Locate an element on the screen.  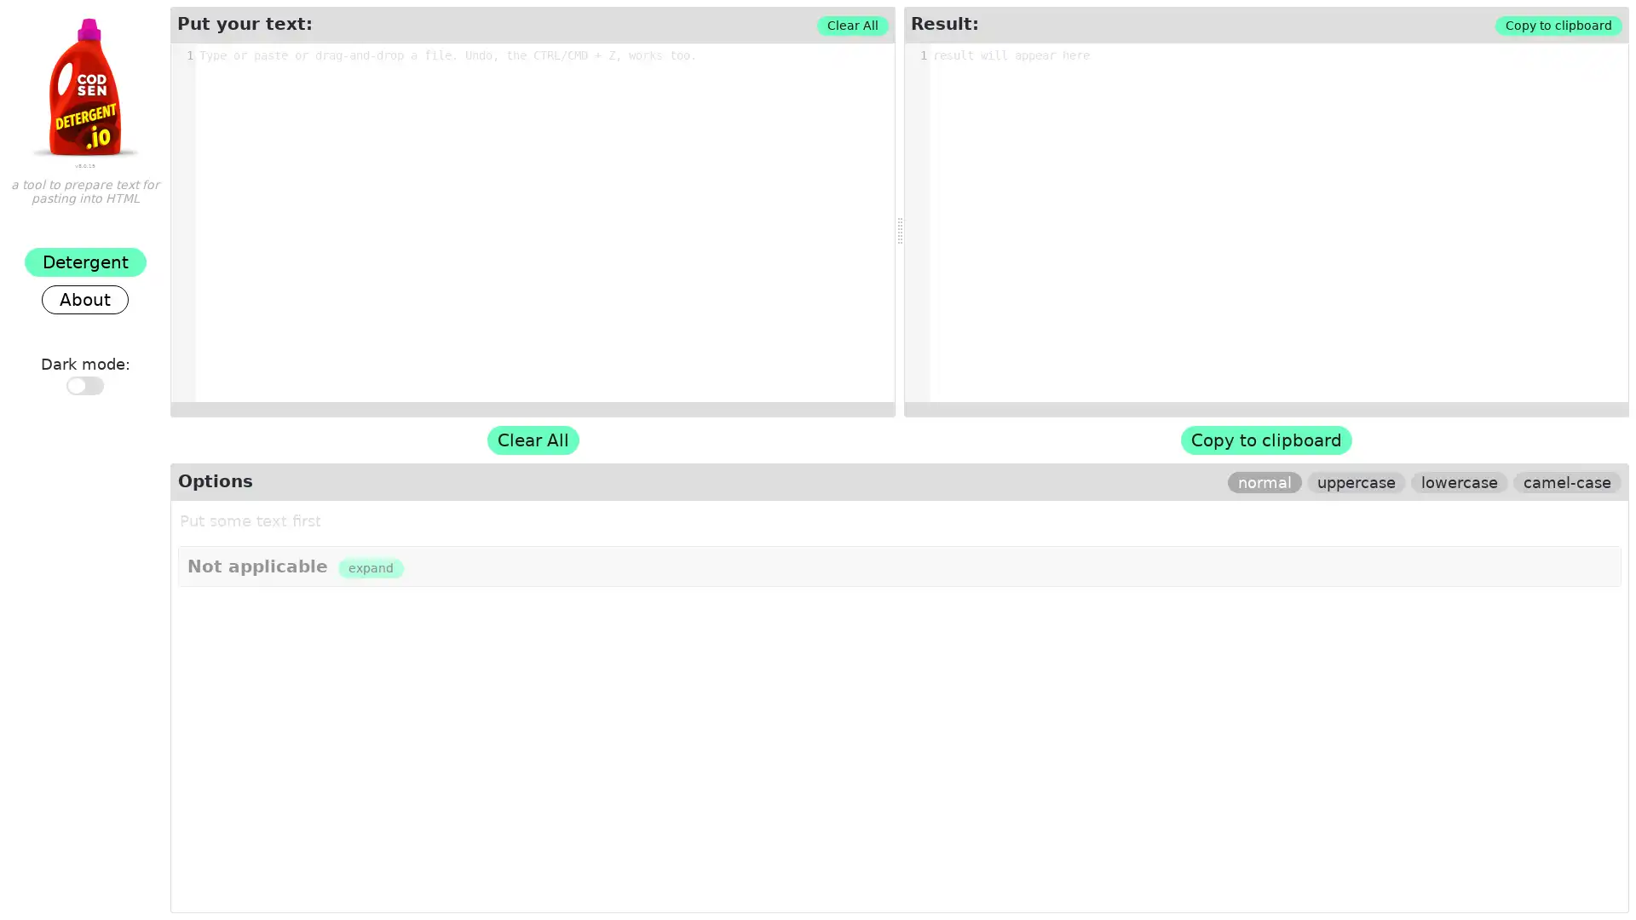
Clear All is located at coordinates (853, 26).